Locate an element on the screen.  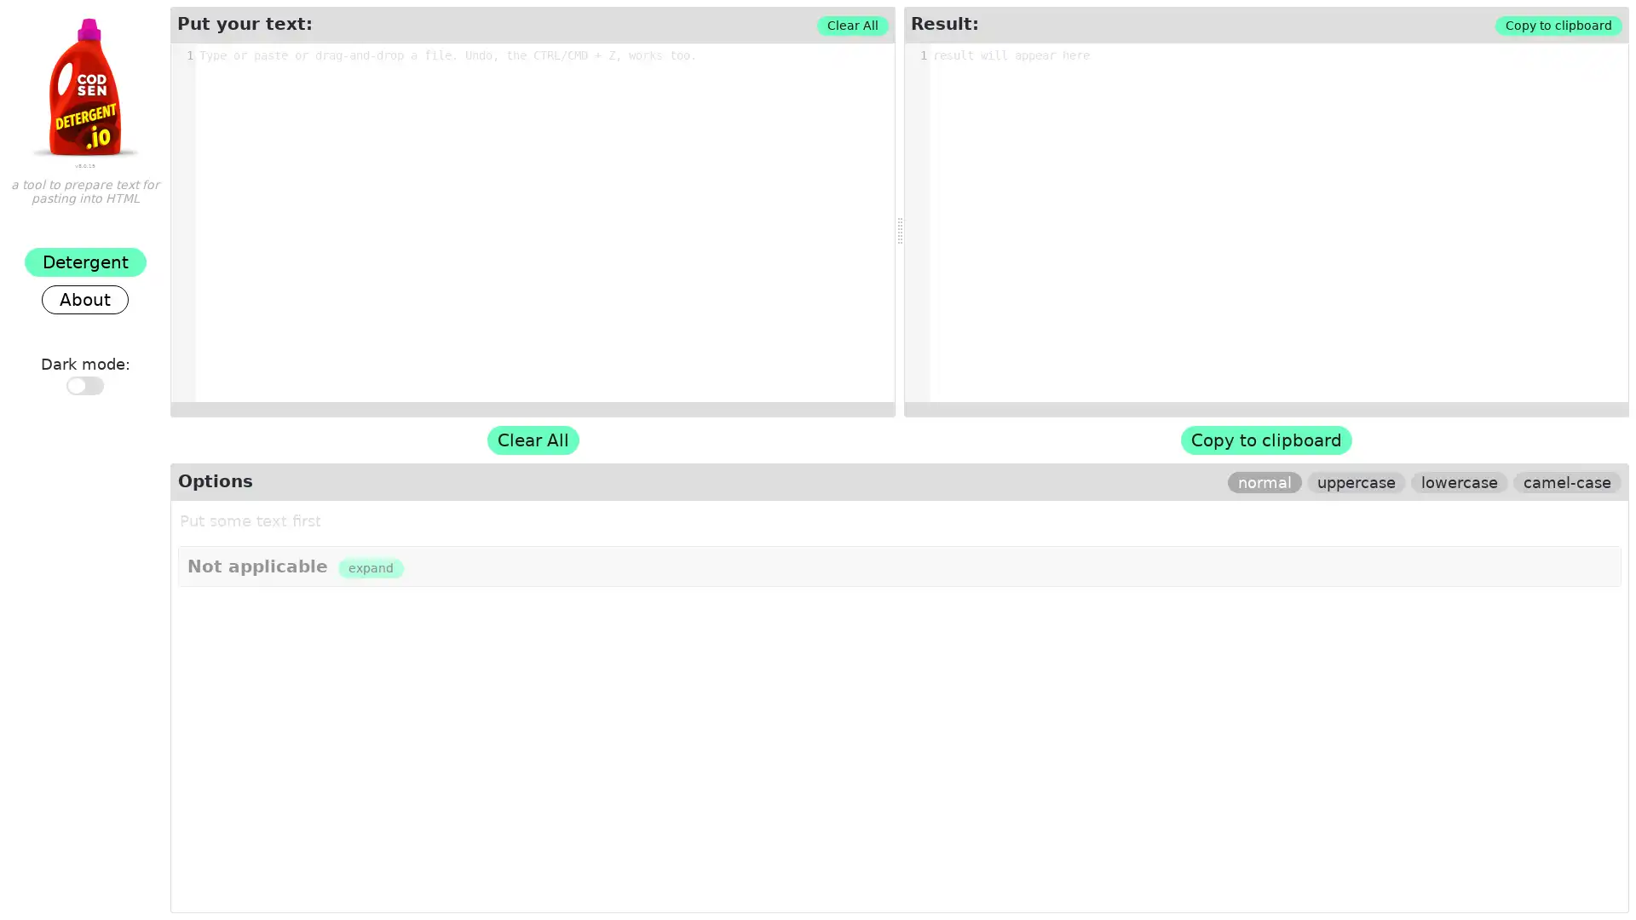
Clear All is located at coordinates (853, 26).